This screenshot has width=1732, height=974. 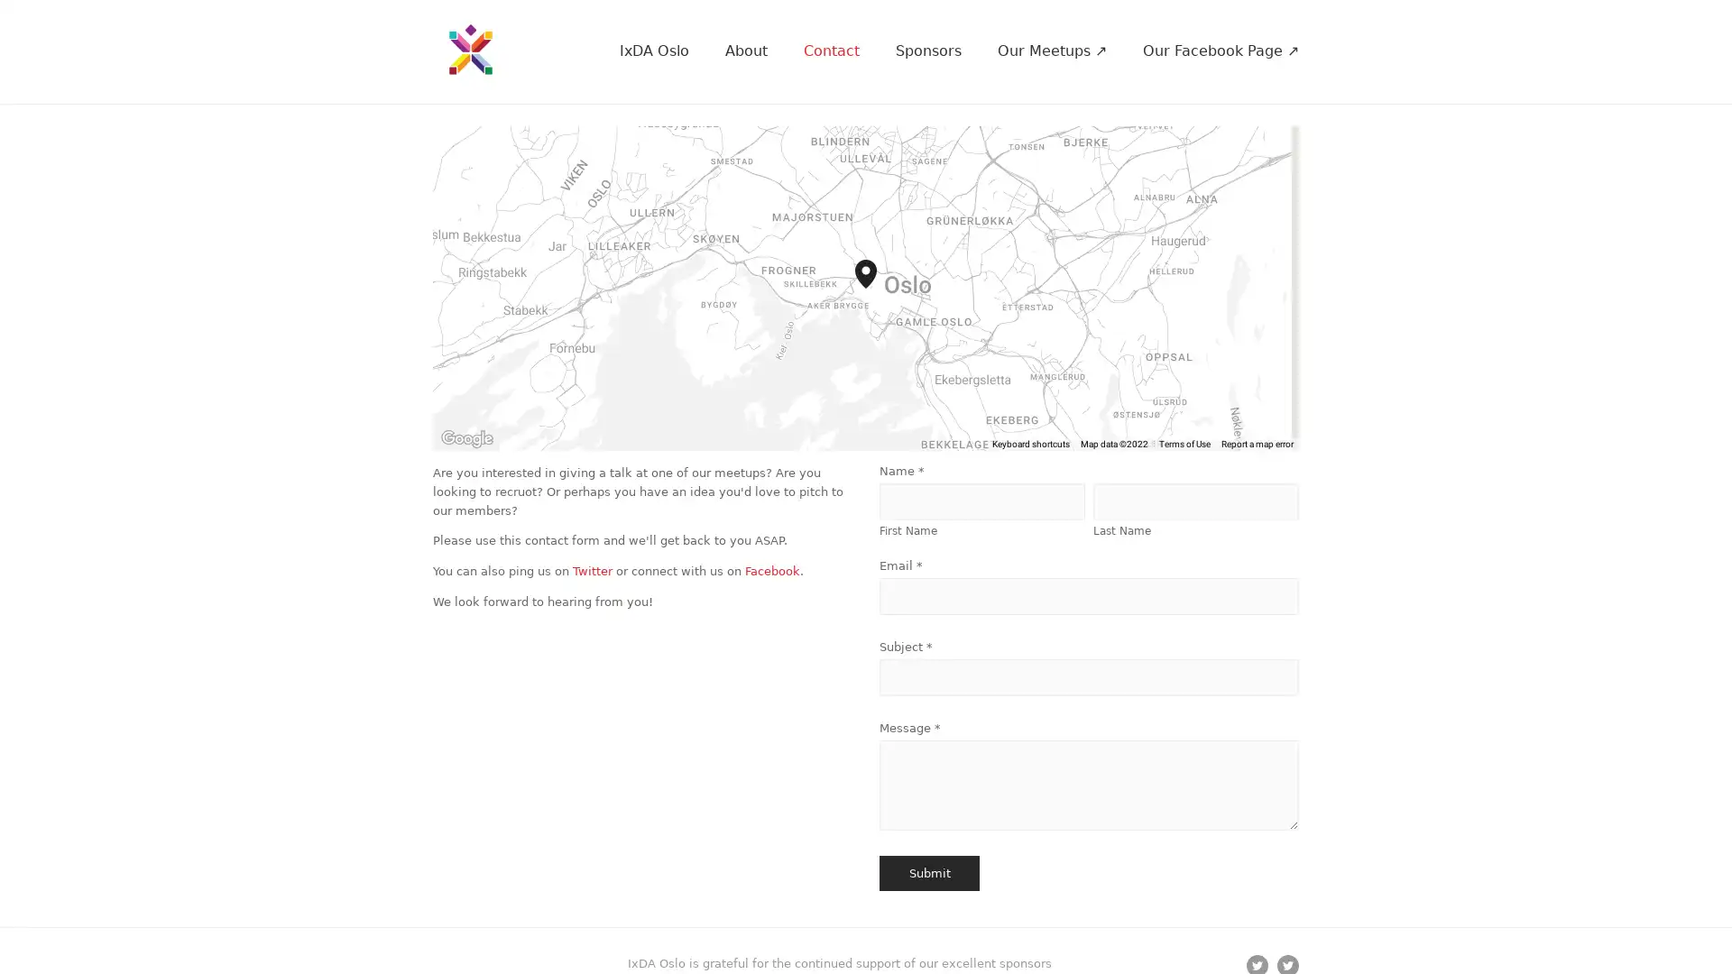 What do you see at coordinates (877, 288) in the screenshot?
I see `Tordenskioldsgate 3 Oslo, Oslo, Norway` at bounding box center [877, 288].